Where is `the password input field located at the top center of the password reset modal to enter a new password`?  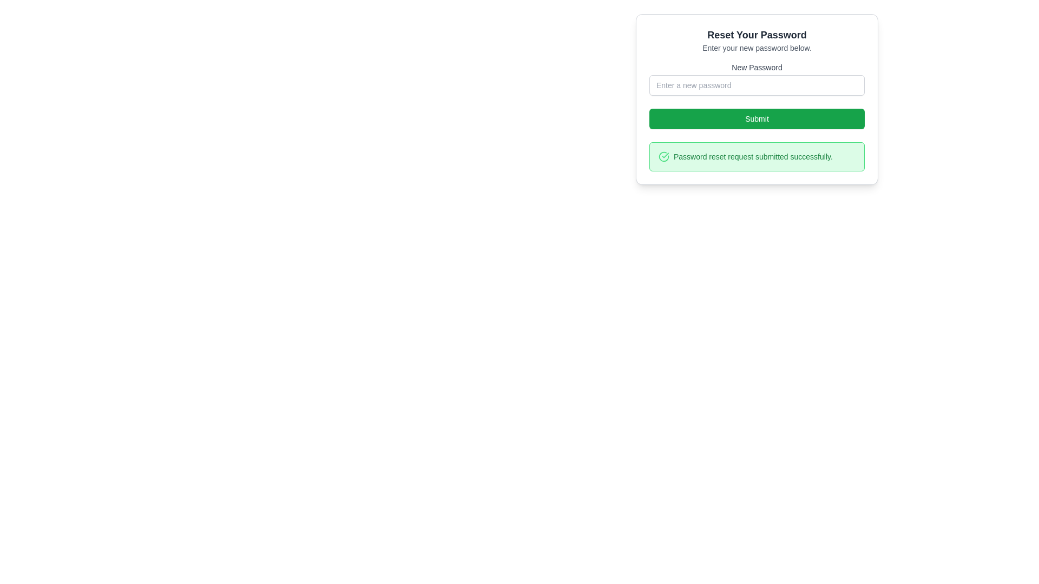 the password input field located at the top center of the password reset modal to enter a new password is located at coordinates (756, 99).